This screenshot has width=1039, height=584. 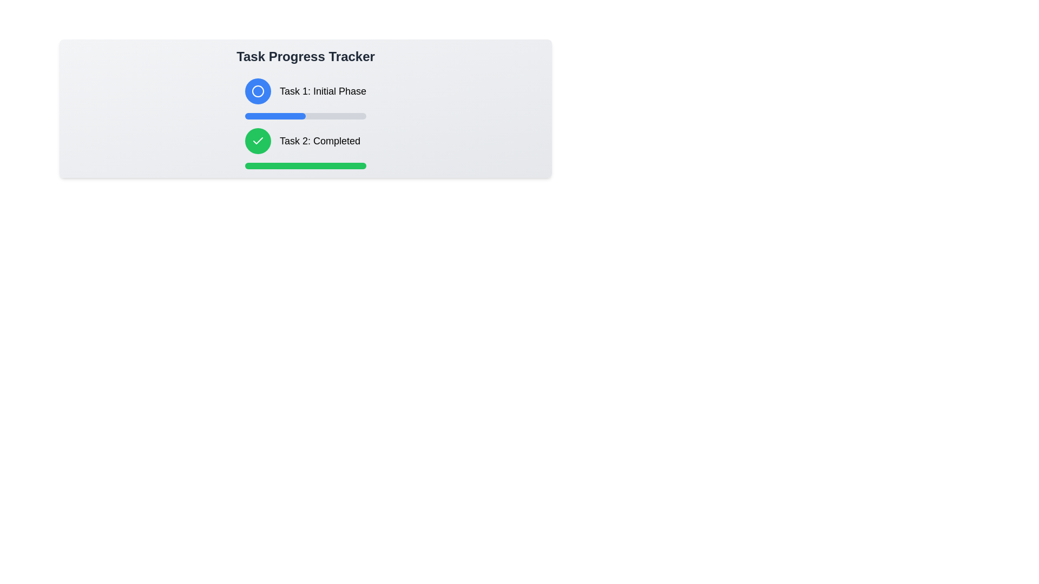 What do you see at coordinates (322, 91) in the screenshot?
I see `the text label 'Task 1: Initial Phase' which is a medium weight, large size text aligned with a circular blue icon on its left` at bounding box center [322, 91].